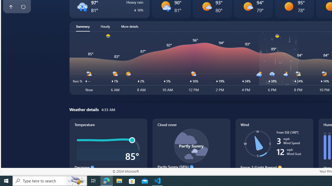 The image size is (332, 186). I want to click on 'Wind', so click(274, 151).